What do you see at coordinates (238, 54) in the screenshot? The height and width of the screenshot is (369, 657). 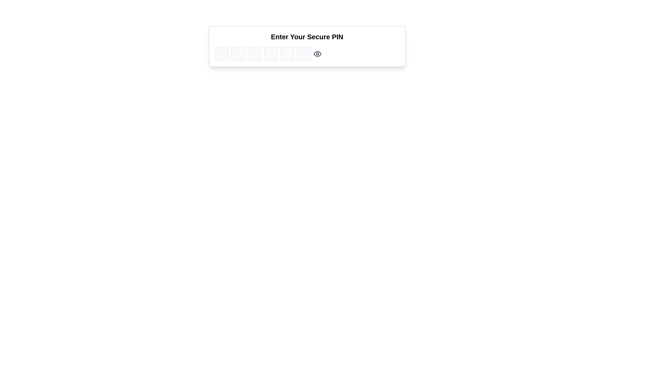 I see `the second input box in the row of six password input fields to focus on it for entering a secure PIN` at bounding box center [238, 54].